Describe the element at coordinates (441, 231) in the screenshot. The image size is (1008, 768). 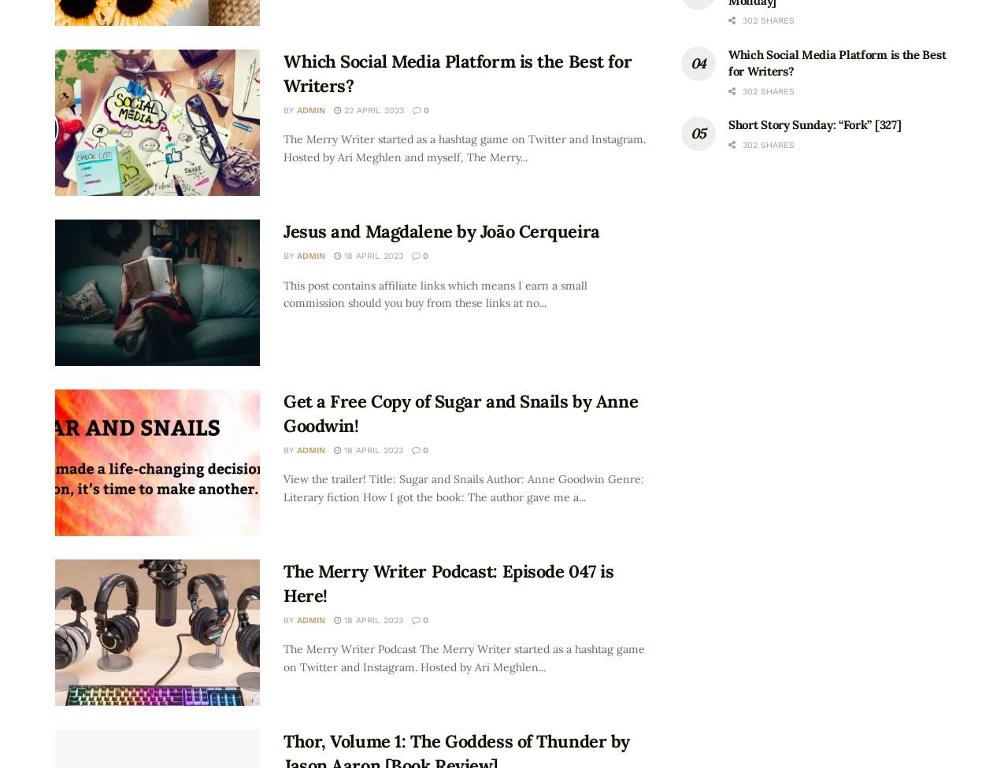
I see `'Jesus and Magdalene by João Cerqueira'` at that location.